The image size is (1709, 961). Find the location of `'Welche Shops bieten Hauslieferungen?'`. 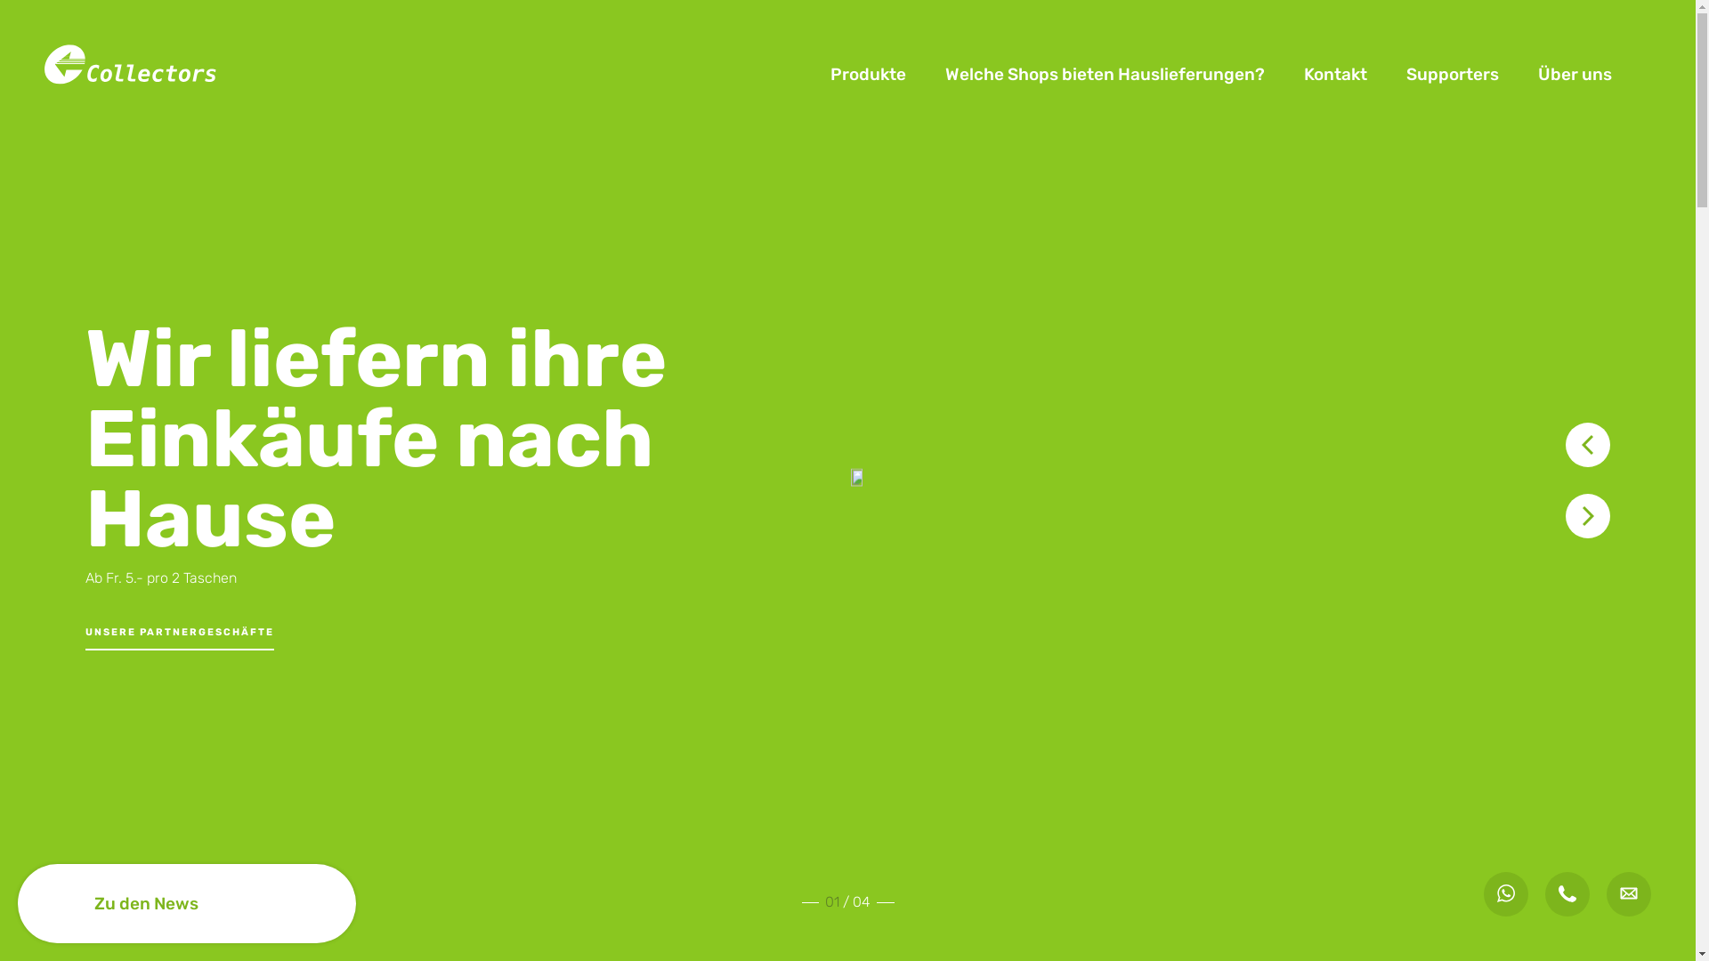

'Welche Shops bieten Hauslieferungen?' is located at coordinates (1104, 74).